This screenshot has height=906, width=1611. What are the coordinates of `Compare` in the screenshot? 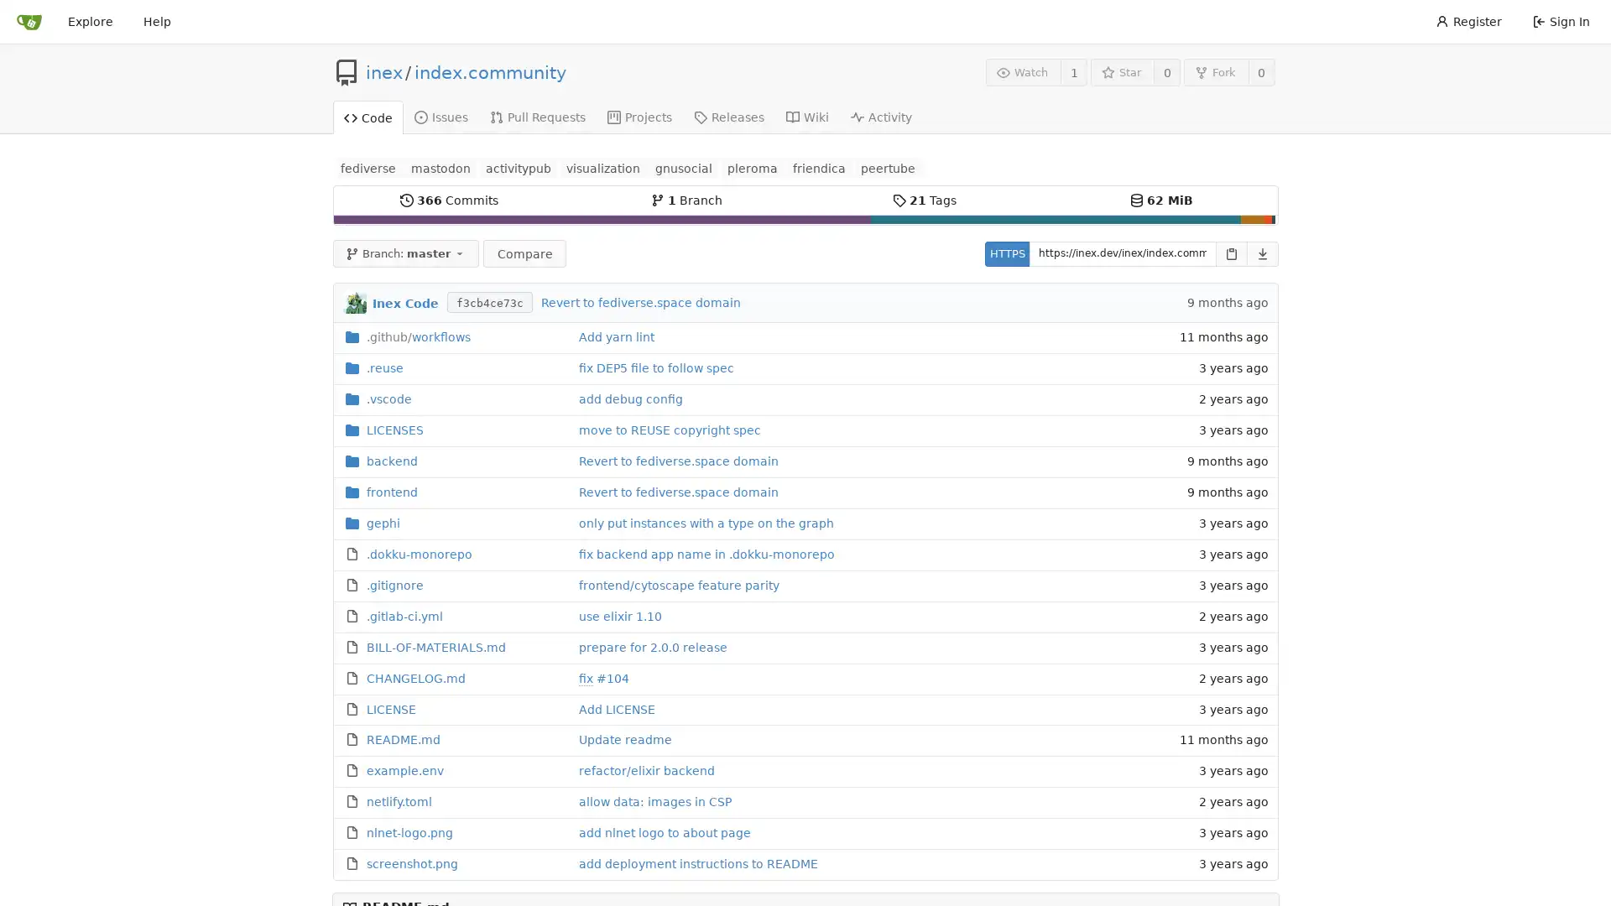 It's located at (523, 253).